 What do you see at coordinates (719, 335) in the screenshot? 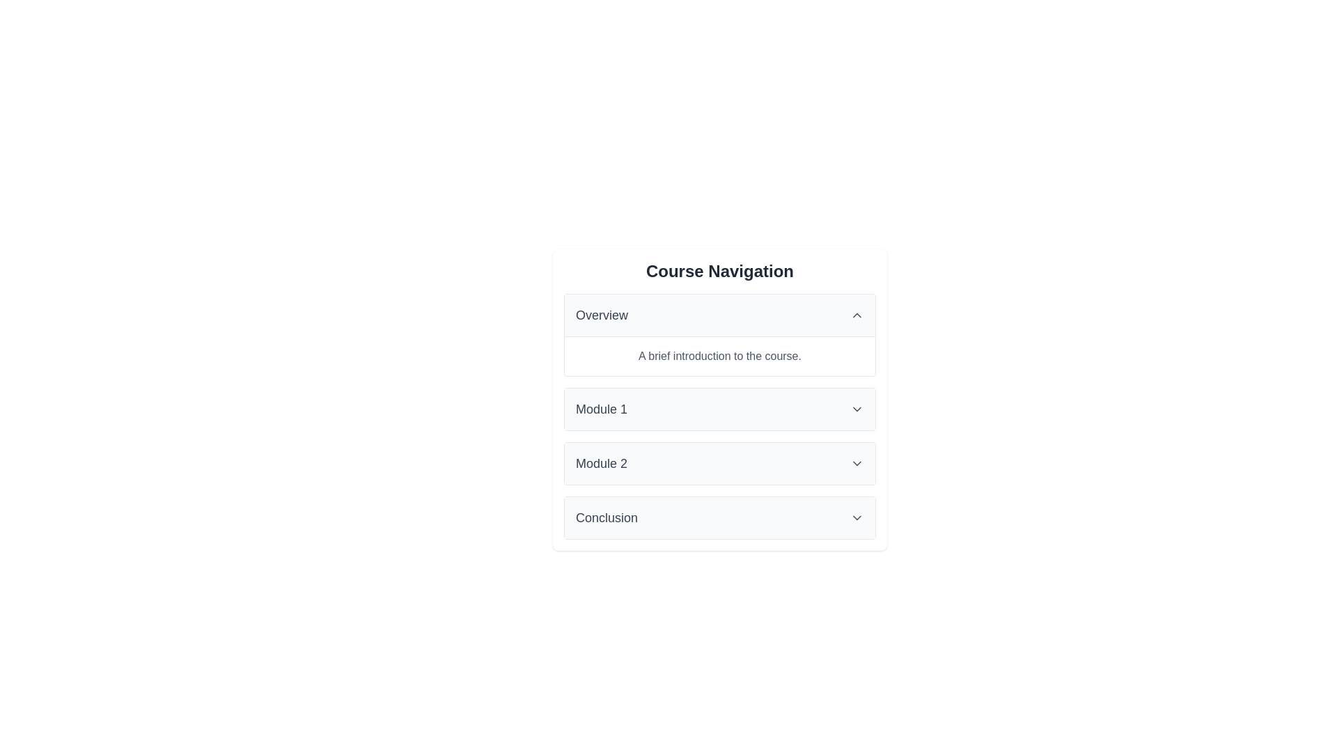
I see `the first collapsible section titled 'Overview' in the Course Navigation list to trigger effects` at bounding box center [719, 335].